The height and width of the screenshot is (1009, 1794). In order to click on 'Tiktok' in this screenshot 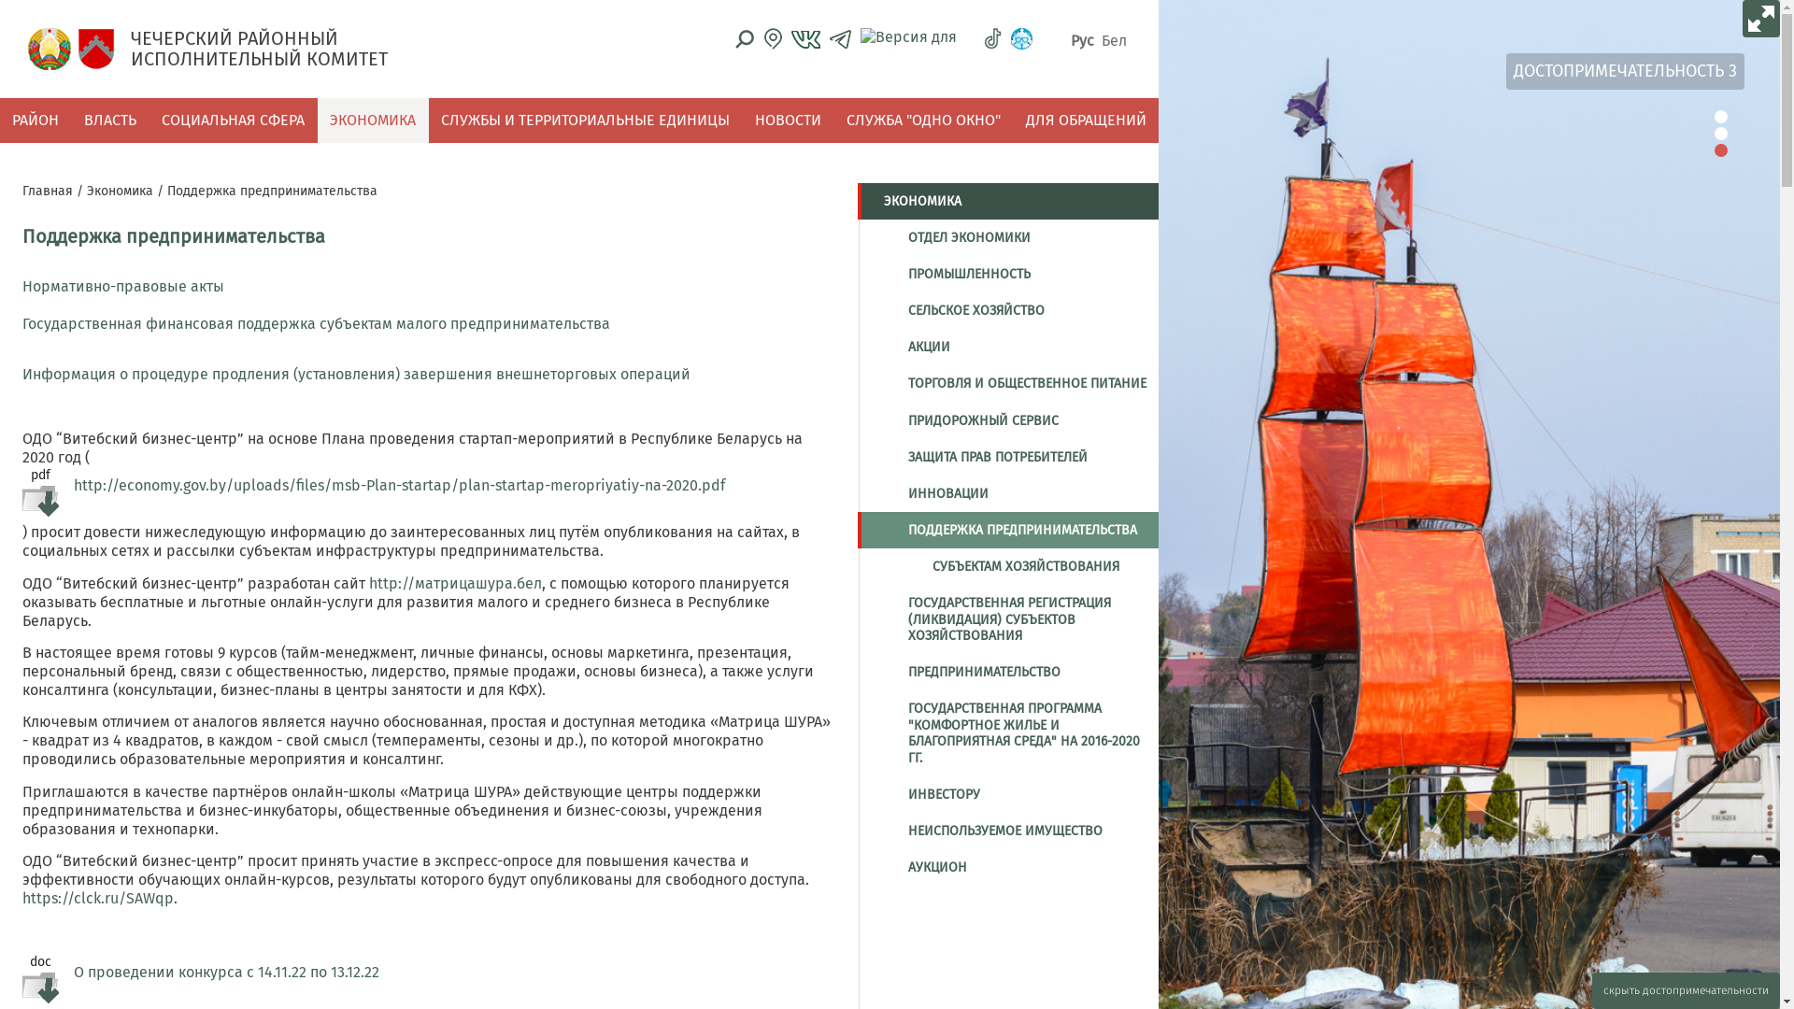, I will do `click(991, 38)`.